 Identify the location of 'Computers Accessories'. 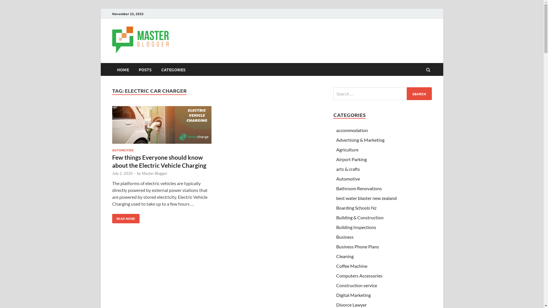
(336, 275).